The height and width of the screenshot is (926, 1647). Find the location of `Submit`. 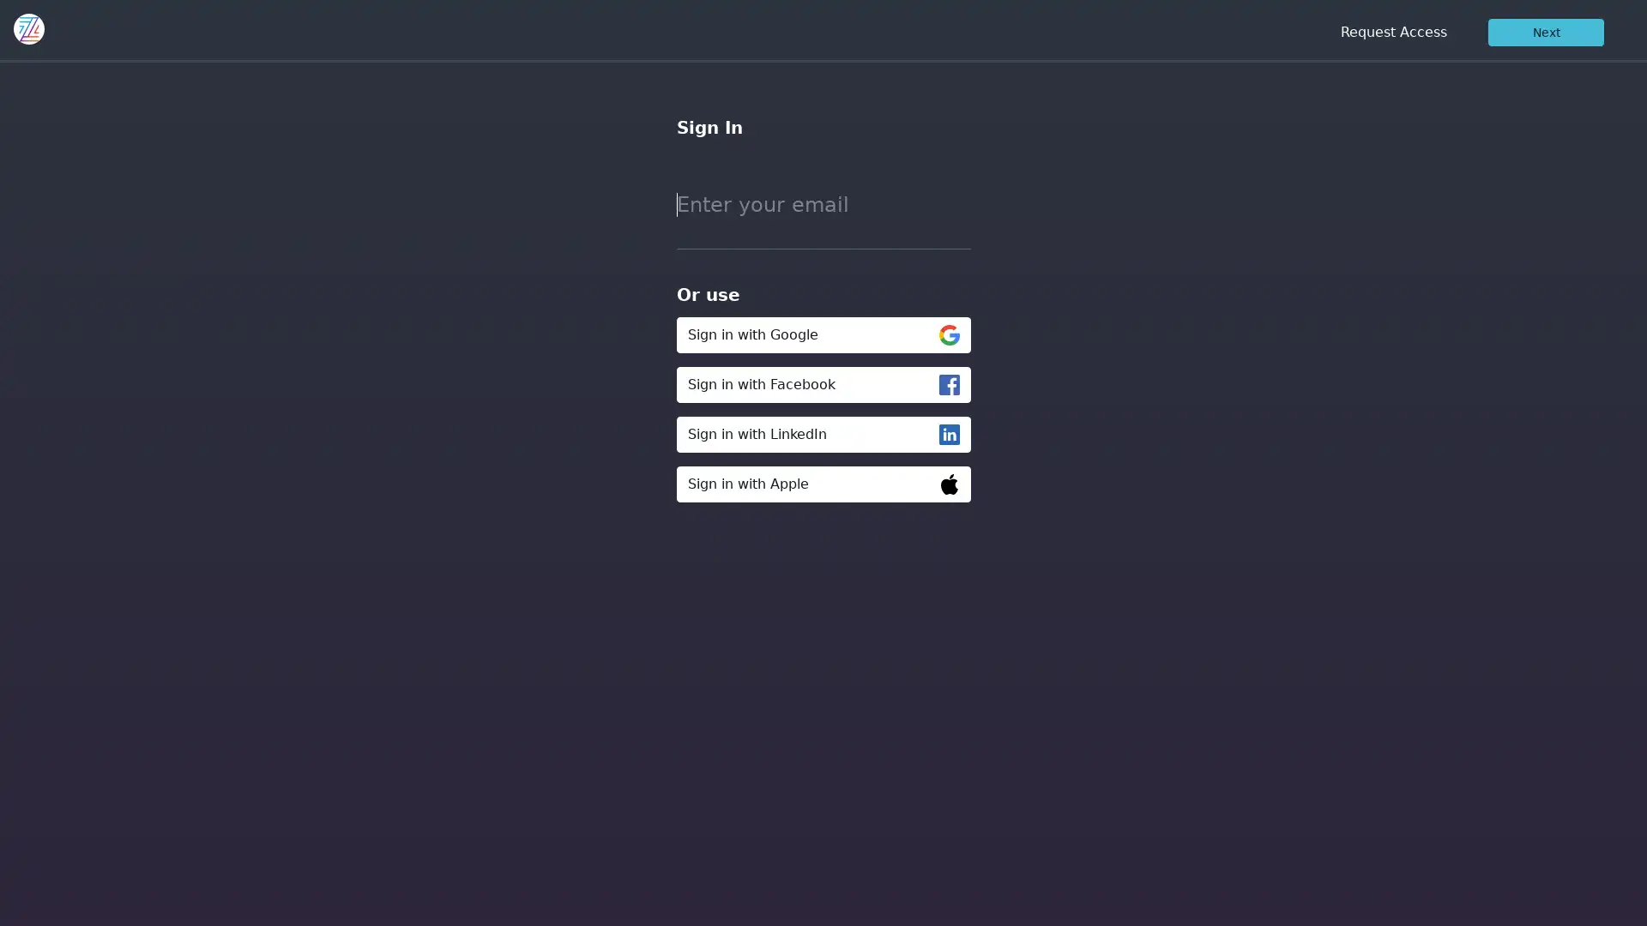

Submit is located at coordinates (679, 525).